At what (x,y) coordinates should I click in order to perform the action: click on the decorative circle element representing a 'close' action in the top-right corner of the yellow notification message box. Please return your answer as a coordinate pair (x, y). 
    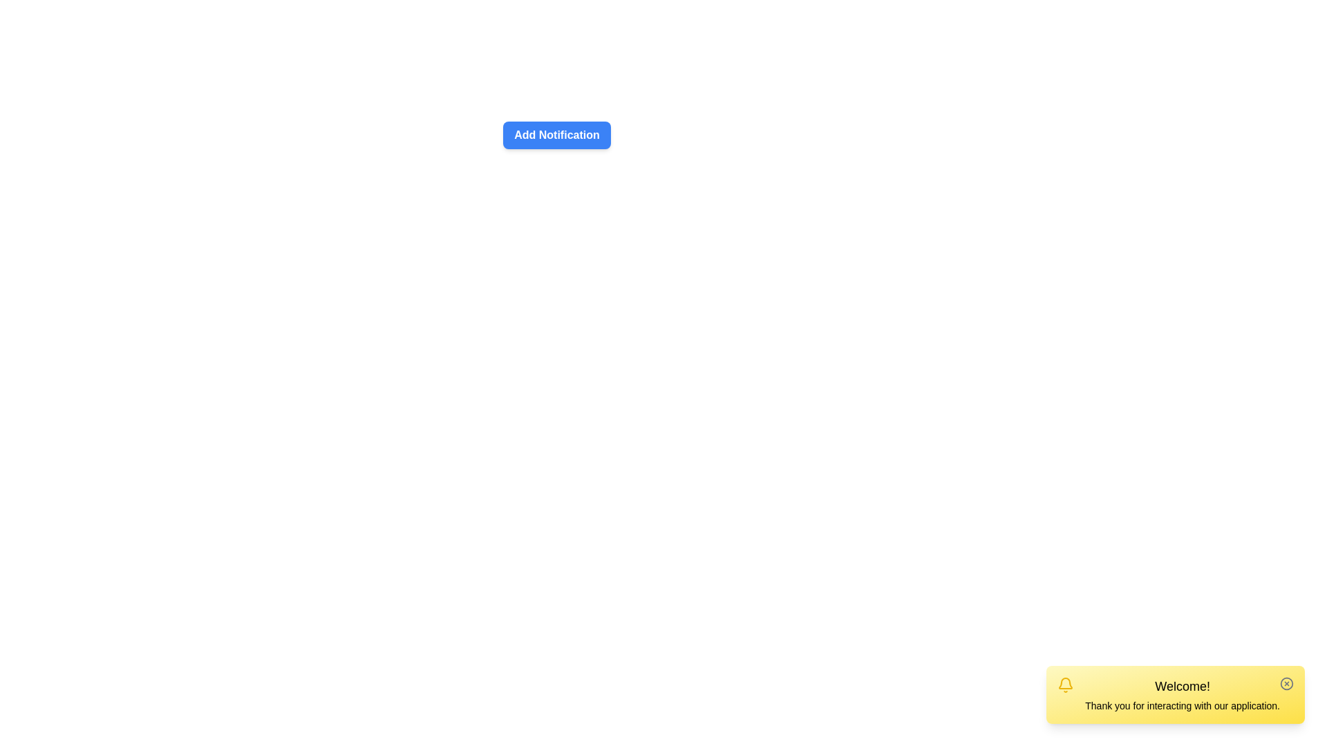
    Looking at the image, I should click on (1286, 684).